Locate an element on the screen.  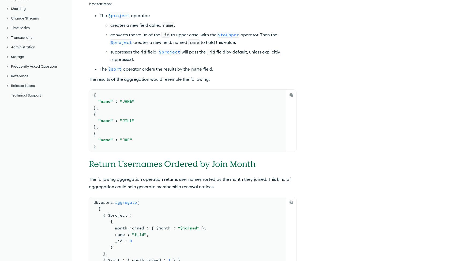
'will pass
the' is located at coordinates (193, 52).